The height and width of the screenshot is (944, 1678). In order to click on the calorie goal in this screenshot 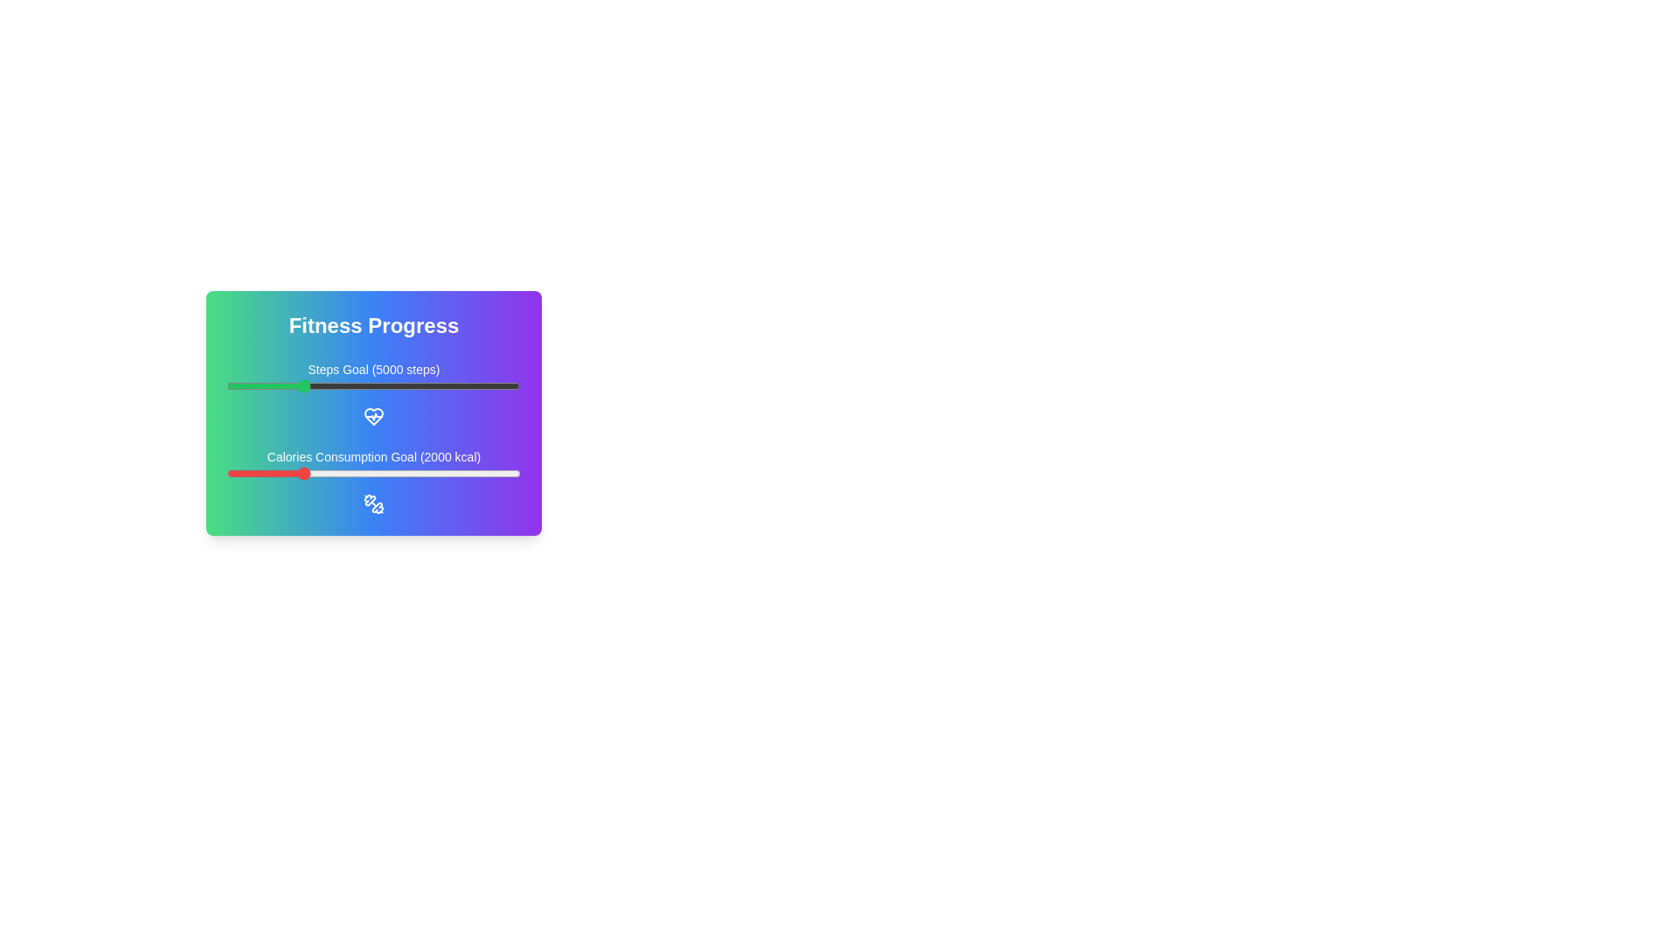, I will do `click(462, 474)`.